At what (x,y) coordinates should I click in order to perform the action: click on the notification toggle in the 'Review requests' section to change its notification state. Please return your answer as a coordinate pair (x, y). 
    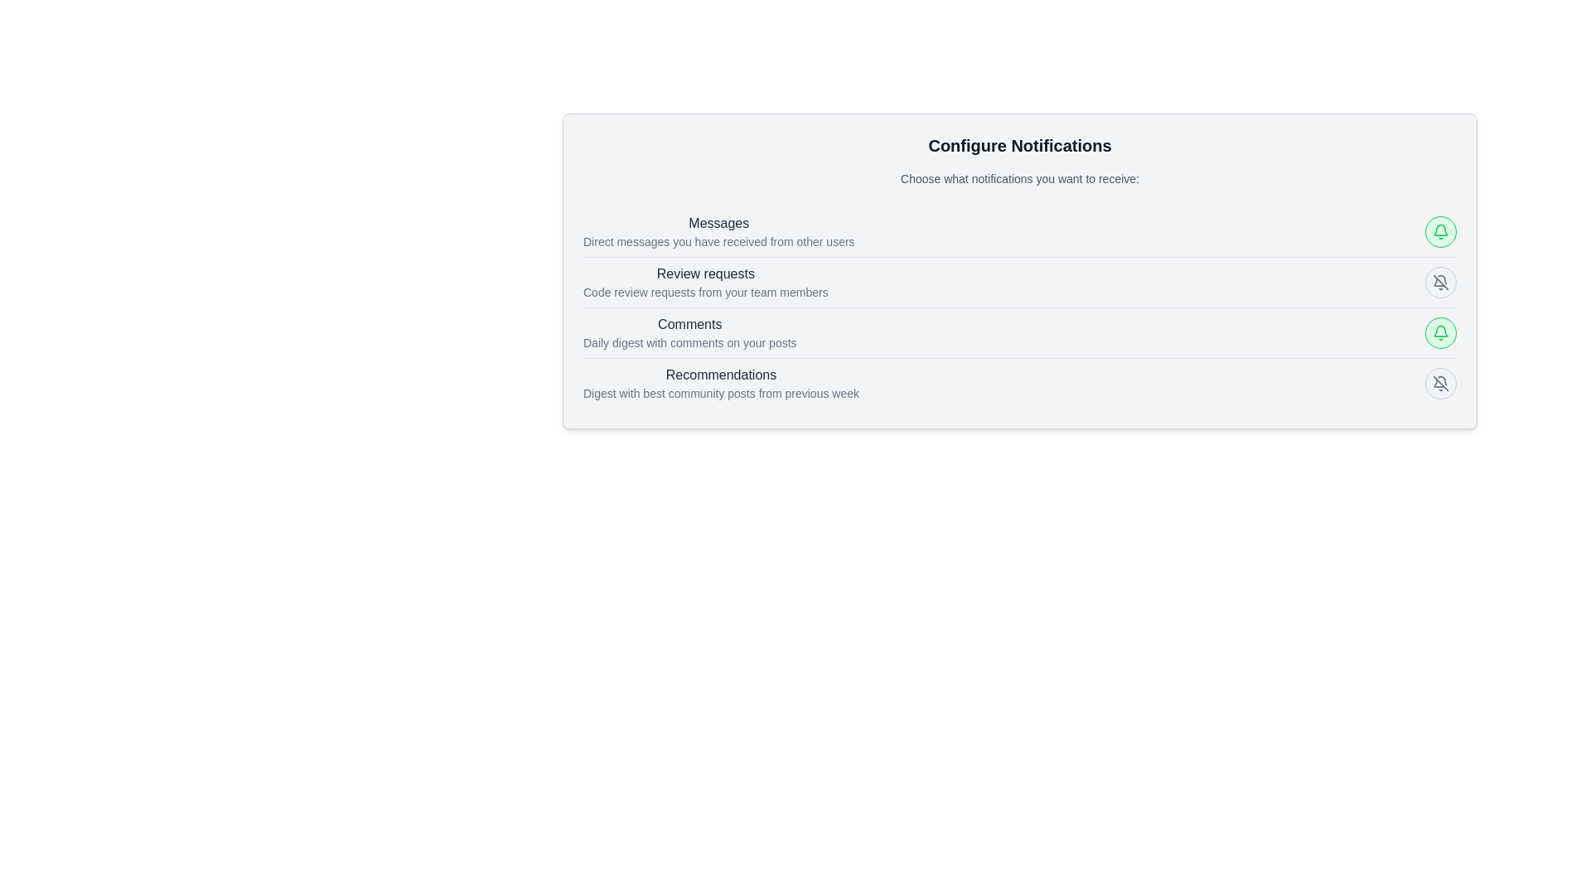
    Looking at the image, I should click on (1018, 281).